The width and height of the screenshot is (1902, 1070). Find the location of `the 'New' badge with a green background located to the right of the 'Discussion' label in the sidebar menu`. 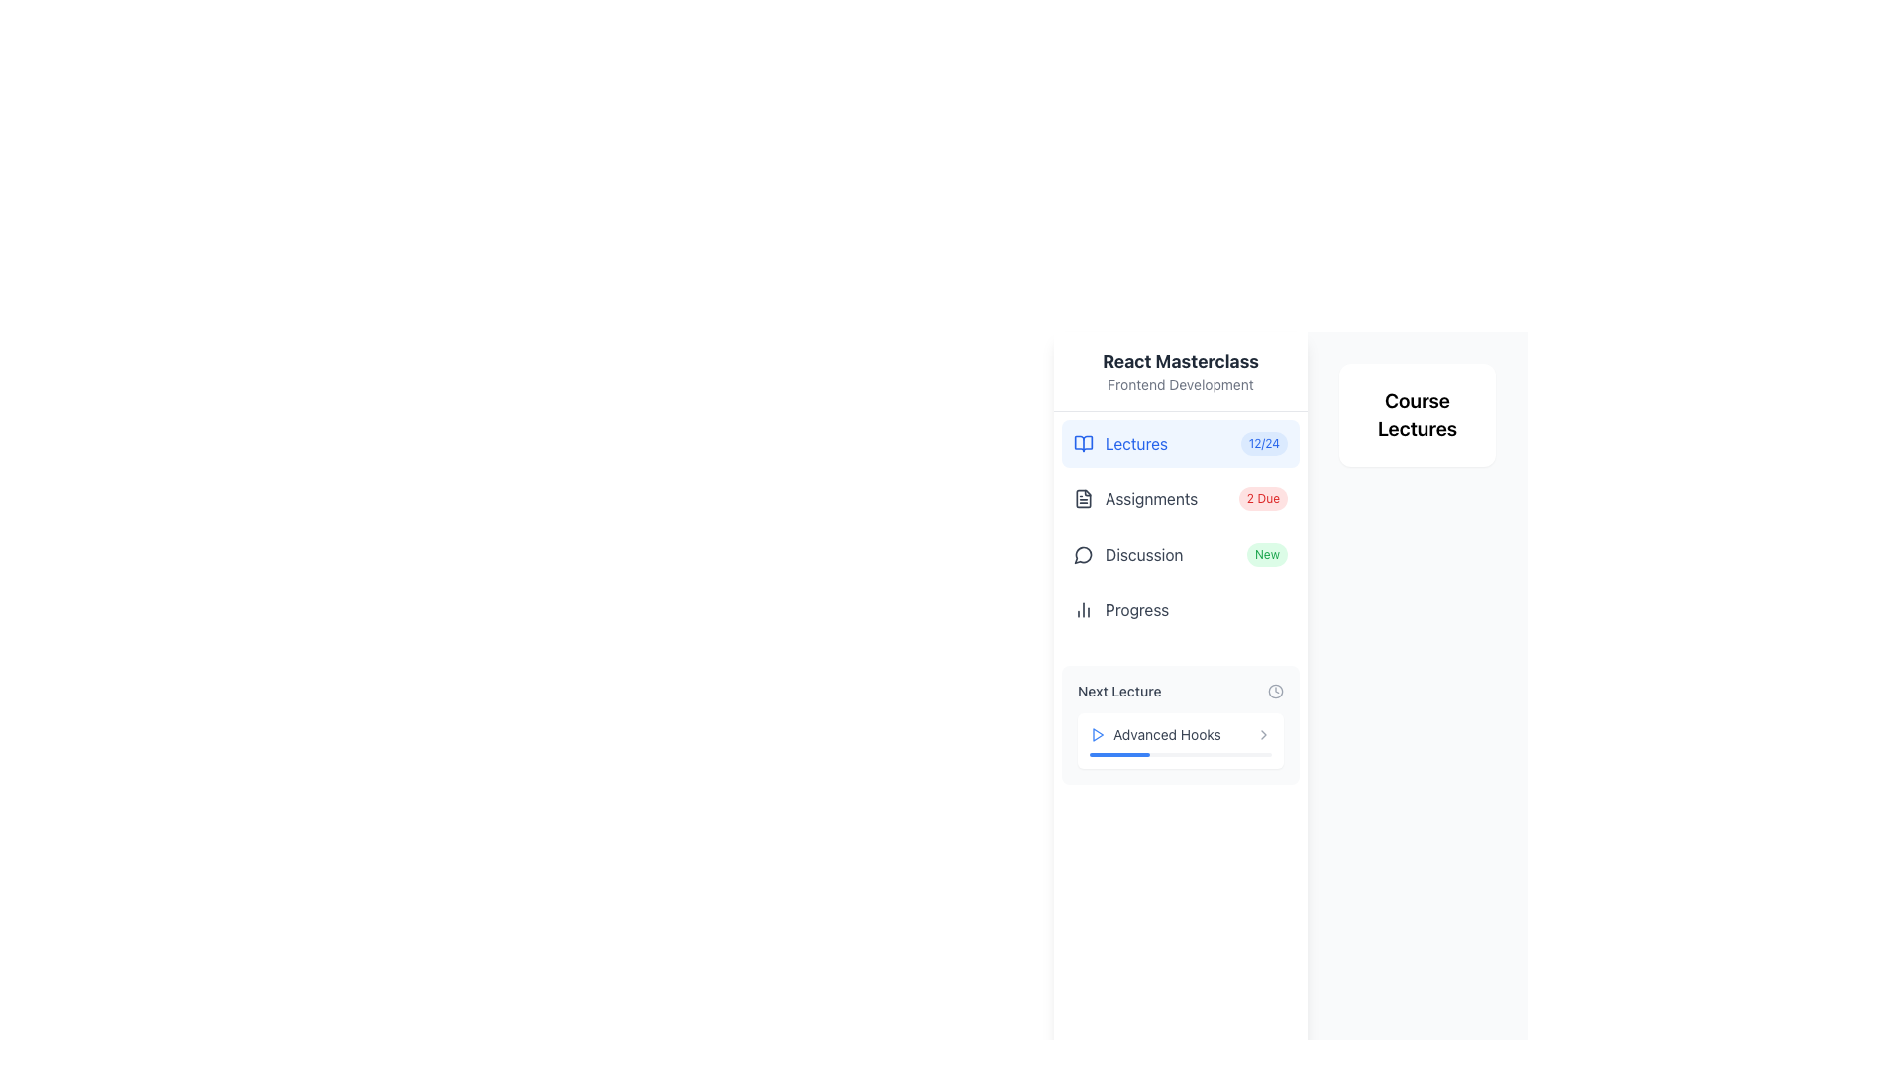

the 'New' badge with a green background located to the right of the 'Discussion' label in the sidebar menu is located at coordinates (1266, 554).